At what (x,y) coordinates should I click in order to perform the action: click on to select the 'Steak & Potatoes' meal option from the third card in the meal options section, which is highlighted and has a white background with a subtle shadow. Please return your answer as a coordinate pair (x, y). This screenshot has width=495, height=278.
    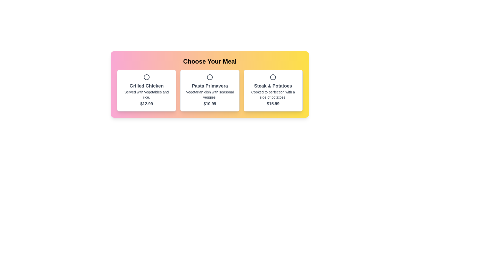
    Looking at the image, I should click on (273, 94).